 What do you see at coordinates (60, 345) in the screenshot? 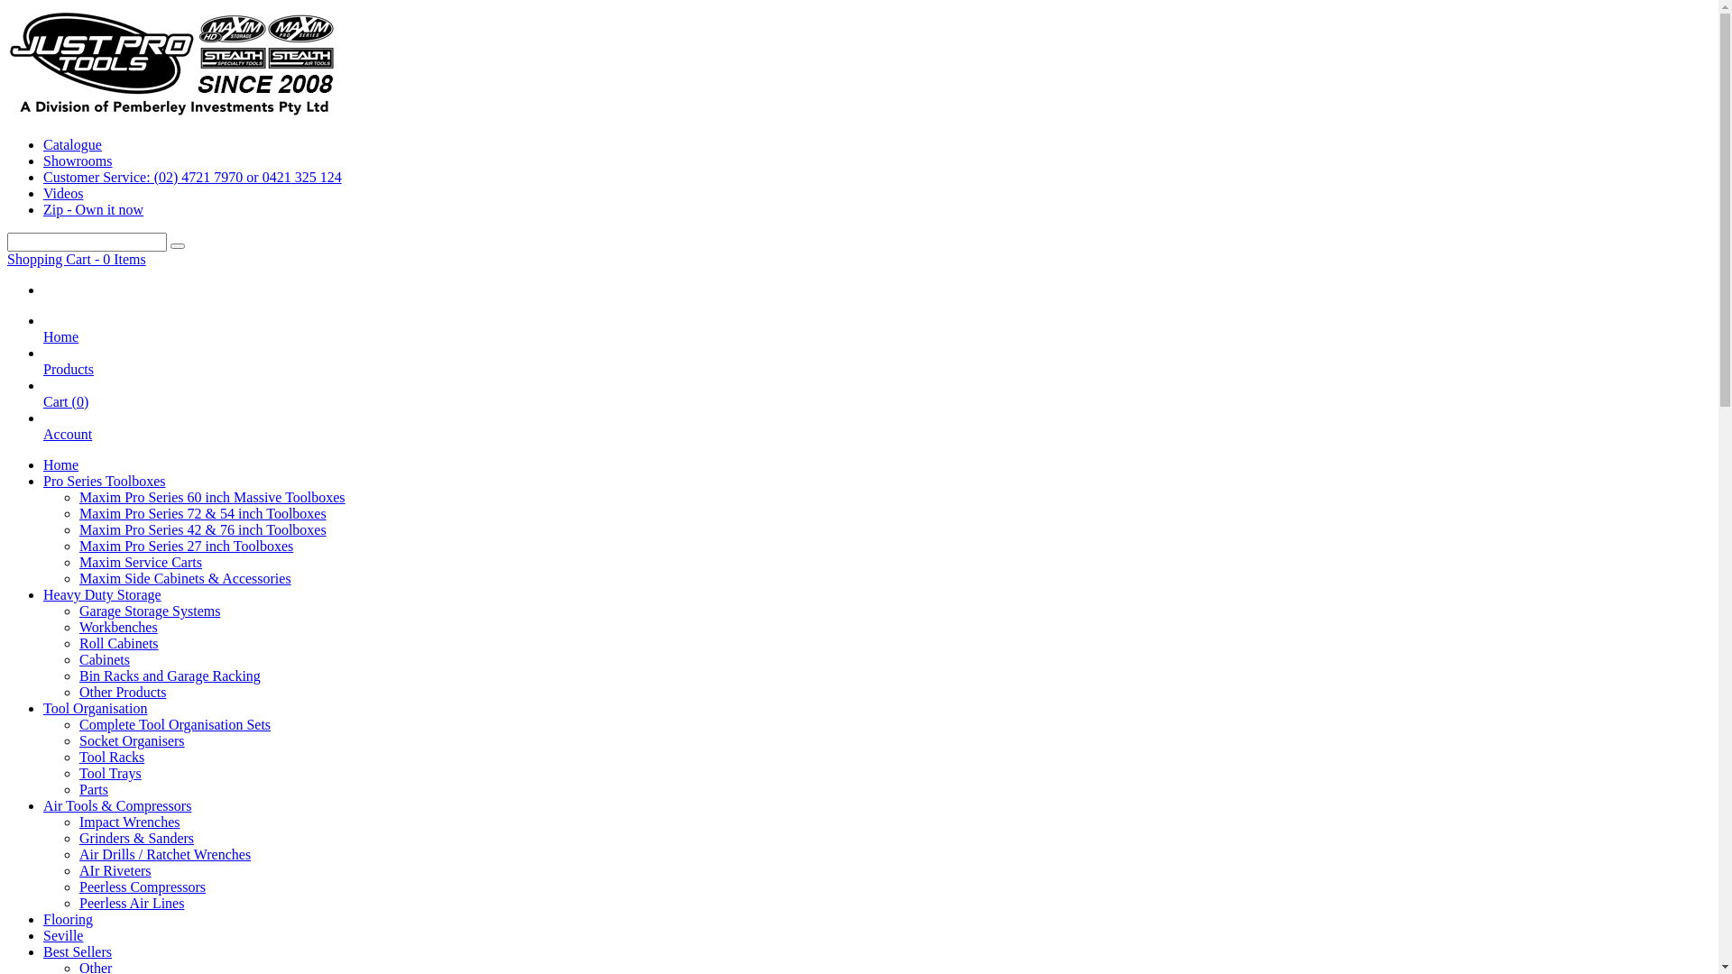
I see `'Home'` at bounding box center [60, 345].